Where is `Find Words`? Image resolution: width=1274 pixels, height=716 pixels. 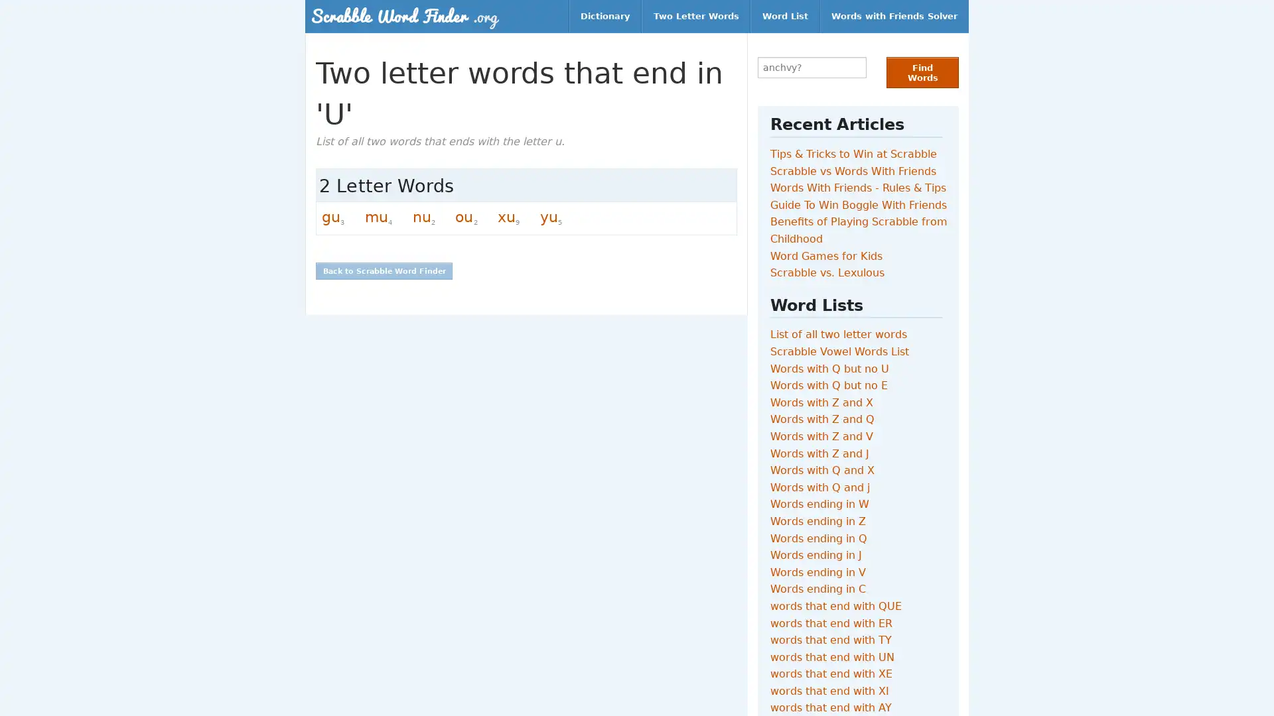
Find Words is located at coordinates (922, 72).